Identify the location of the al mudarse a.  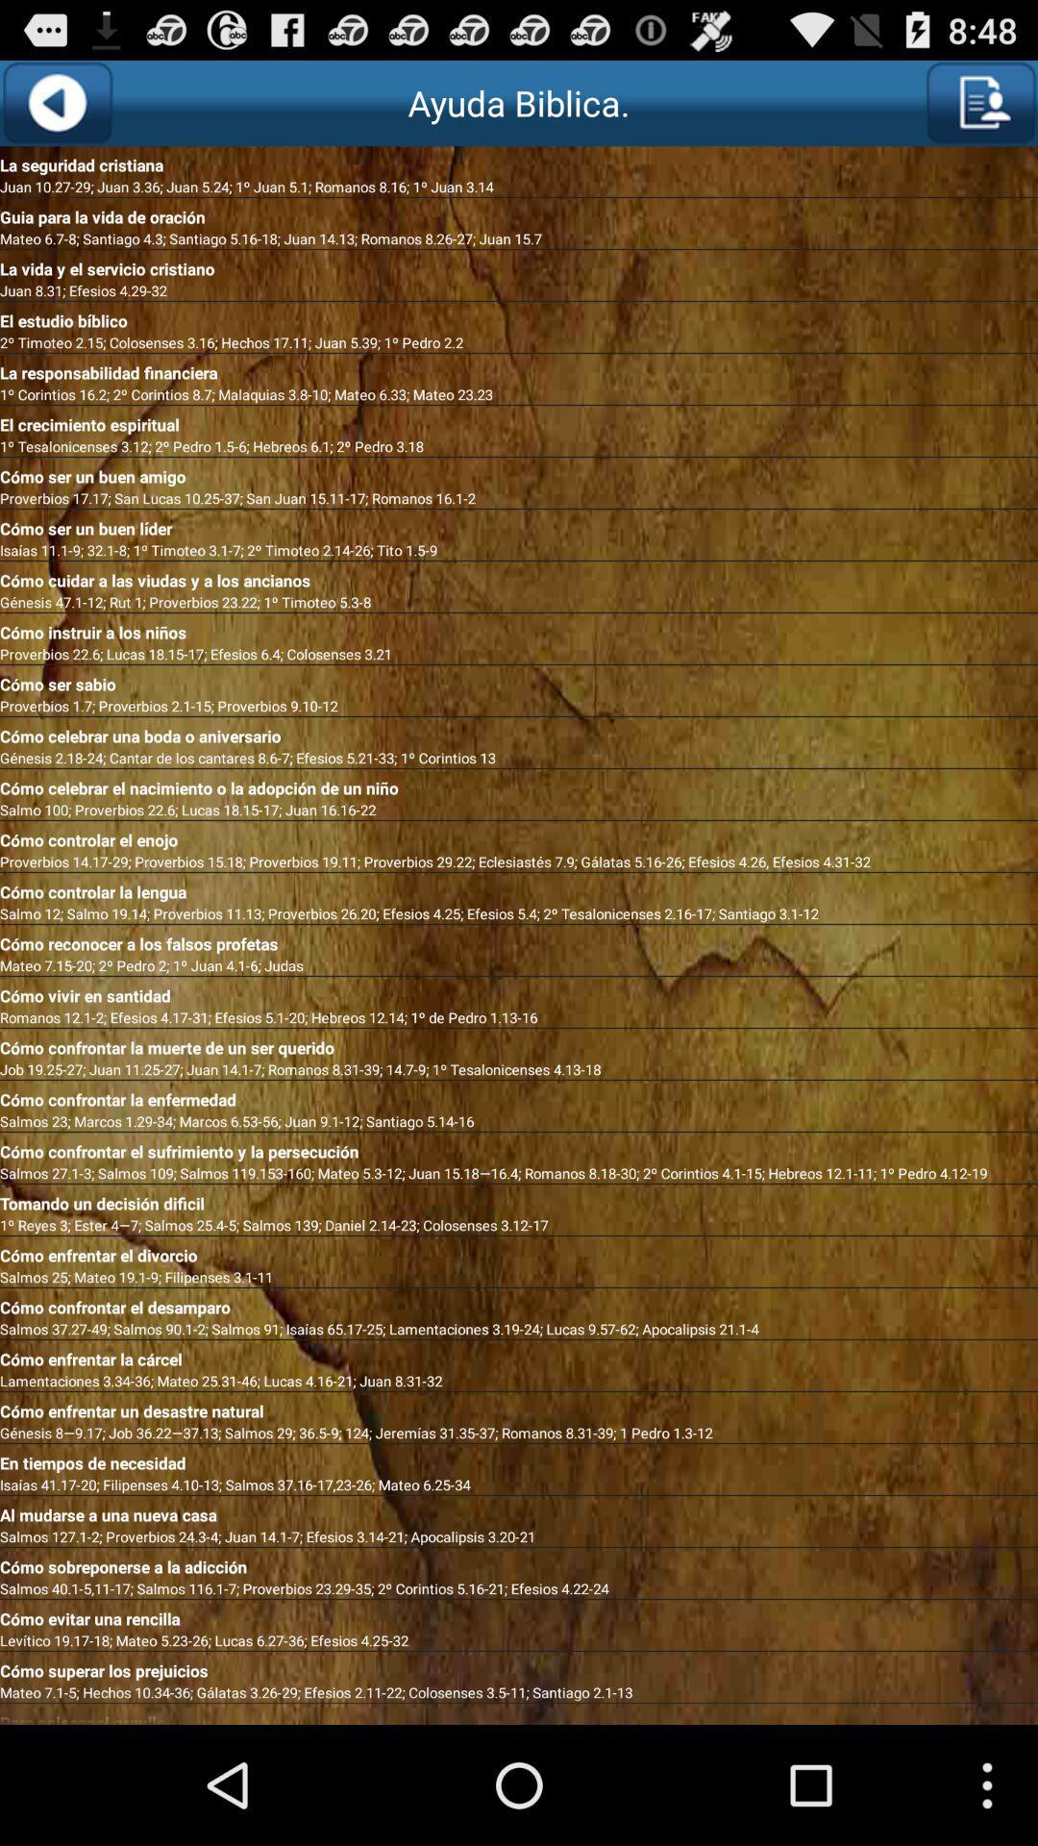
(519, 1509).